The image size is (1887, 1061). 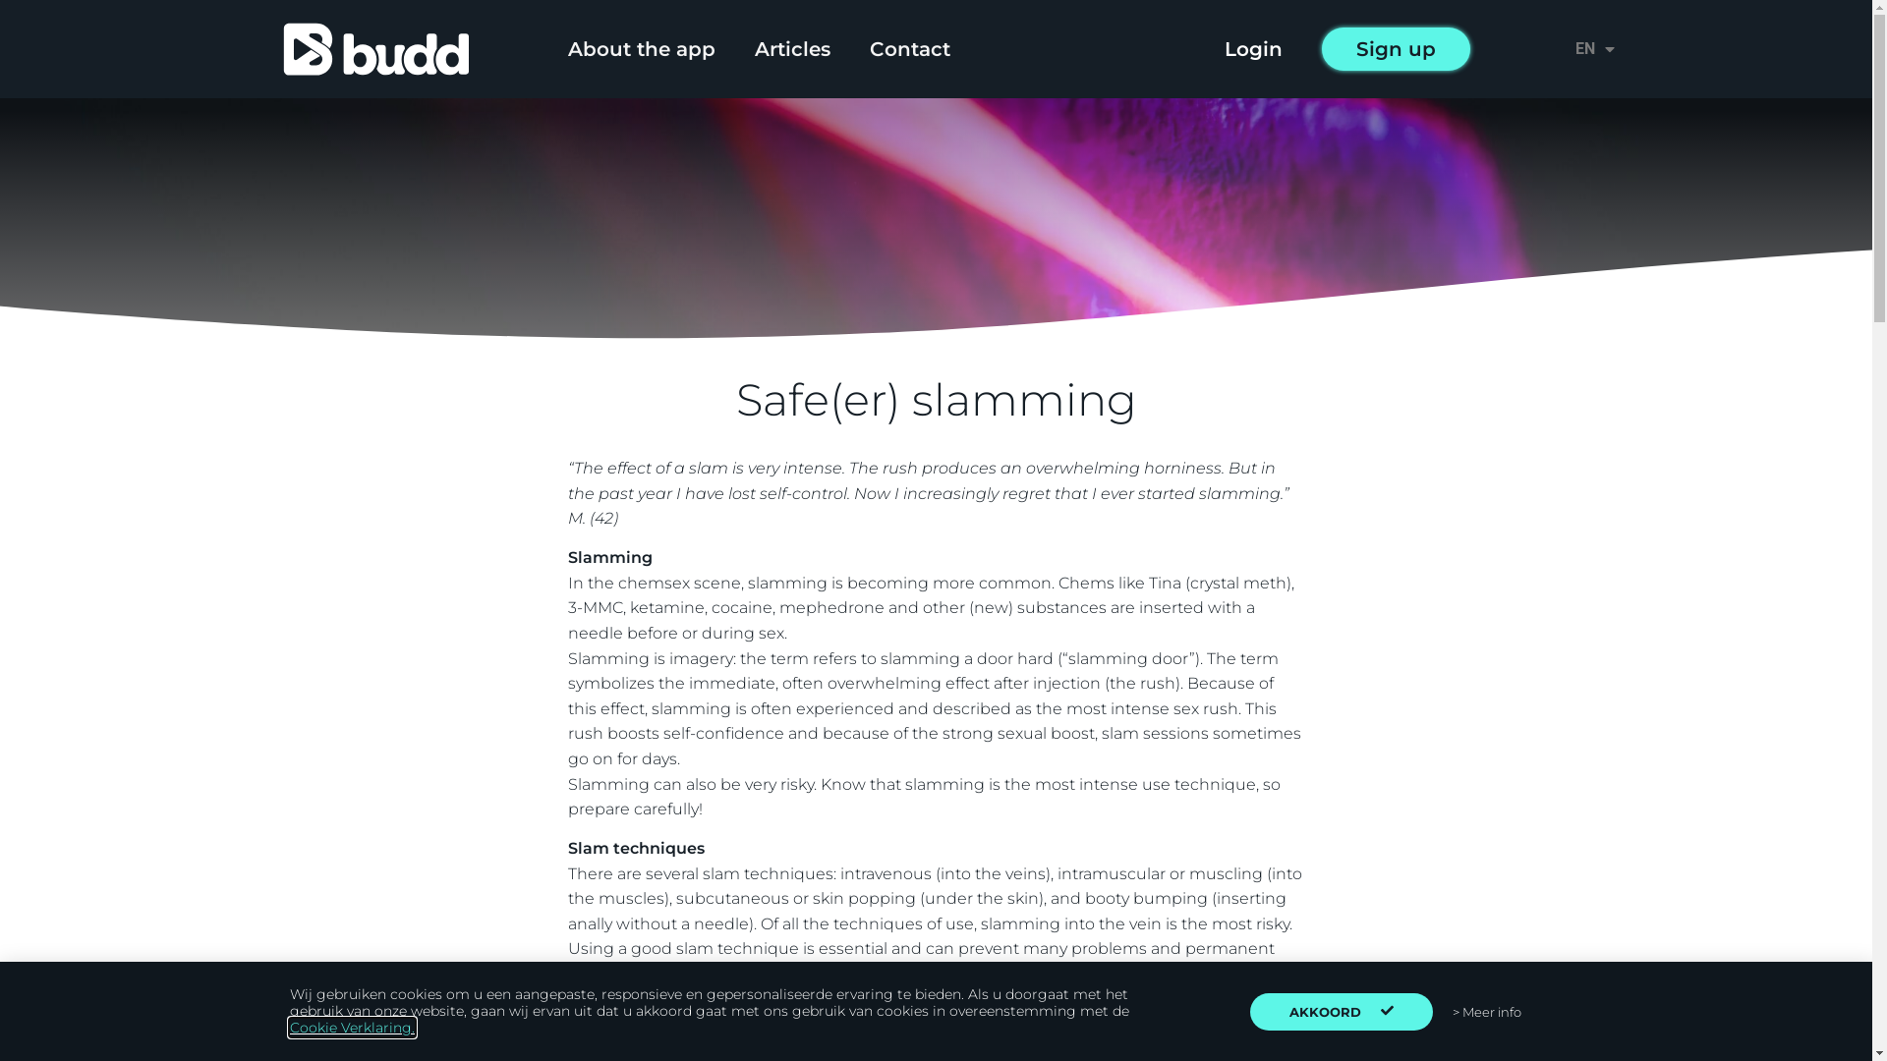 What do you see at coordinates (1486, 1011) in the screenshot?
I see `'> Meer info'` at bounding box center [1486, 1011].